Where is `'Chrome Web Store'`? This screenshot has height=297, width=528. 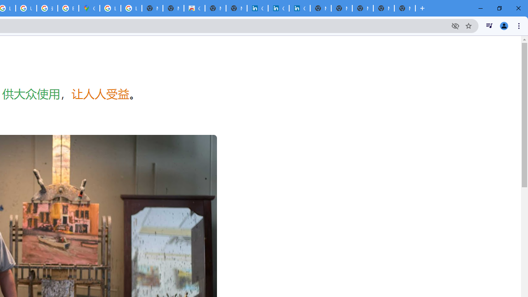
'Chrome Web Store' is located at coordinates (194, 8).